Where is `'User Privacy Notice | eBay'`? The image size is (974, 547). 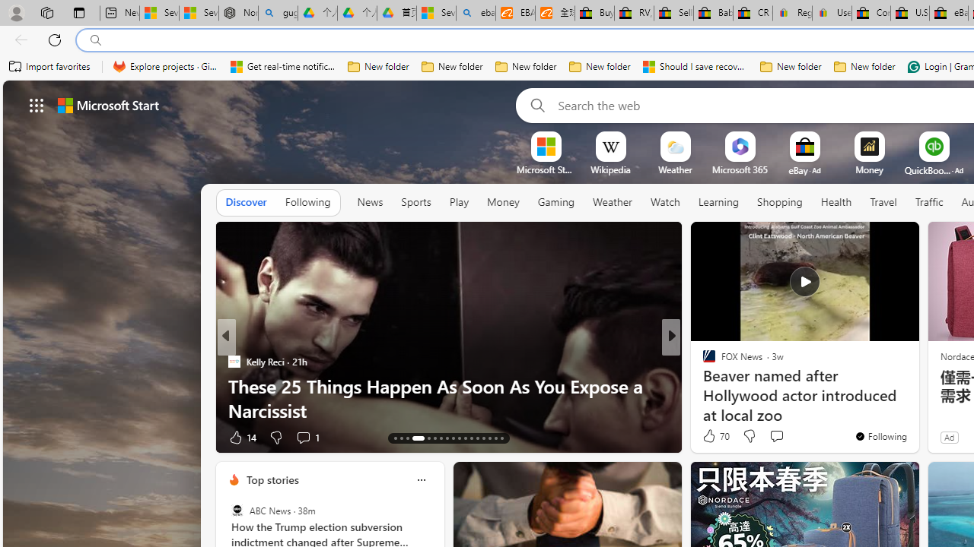
'User Privacy Notice | eBay' is located at coordinates (831, 13).